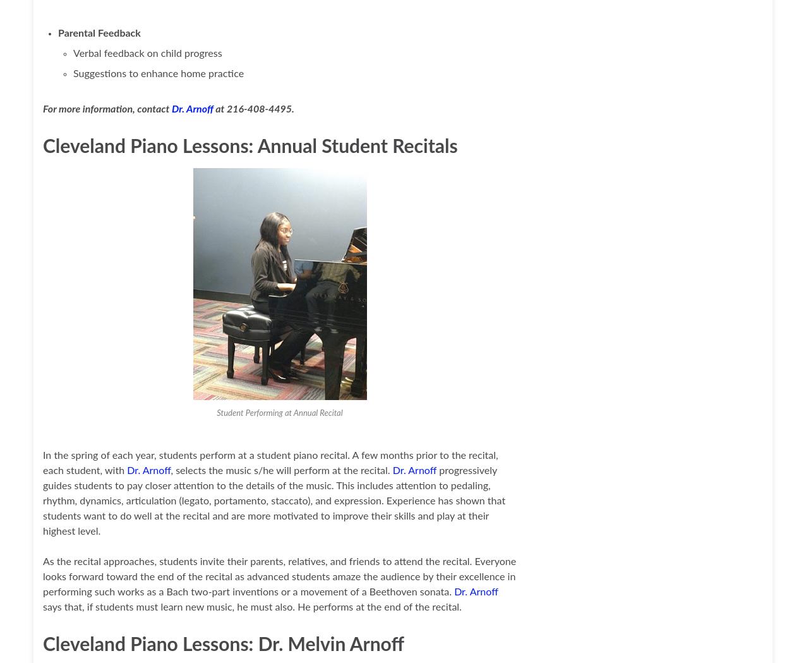 The width and height of the screenshot is (806, 663). What do you see at coordinates (249, 147) in the screenshot?
I see `'Cleveland Piano Lessons: Annual Student Recitals'` at bounding box center [249, 147].